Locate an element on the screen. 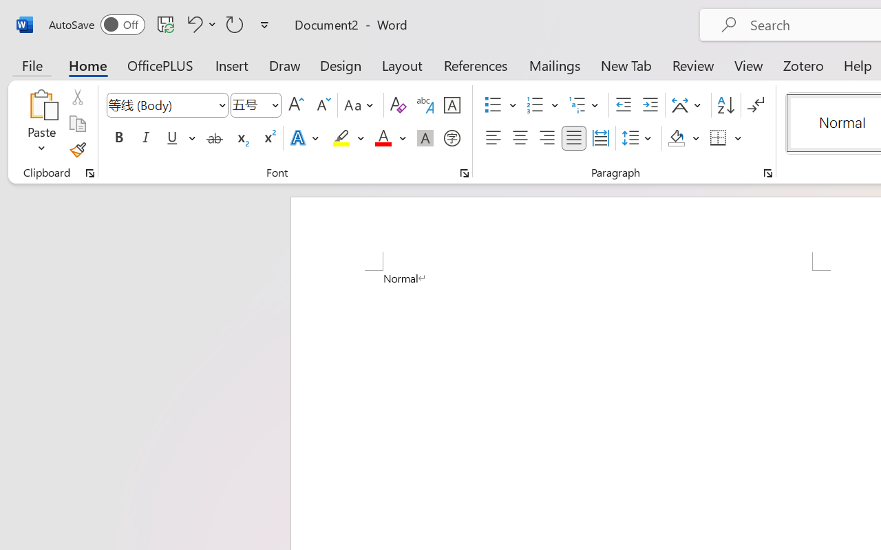  'Text Highlight Color' is located at coordinates (348, 138).